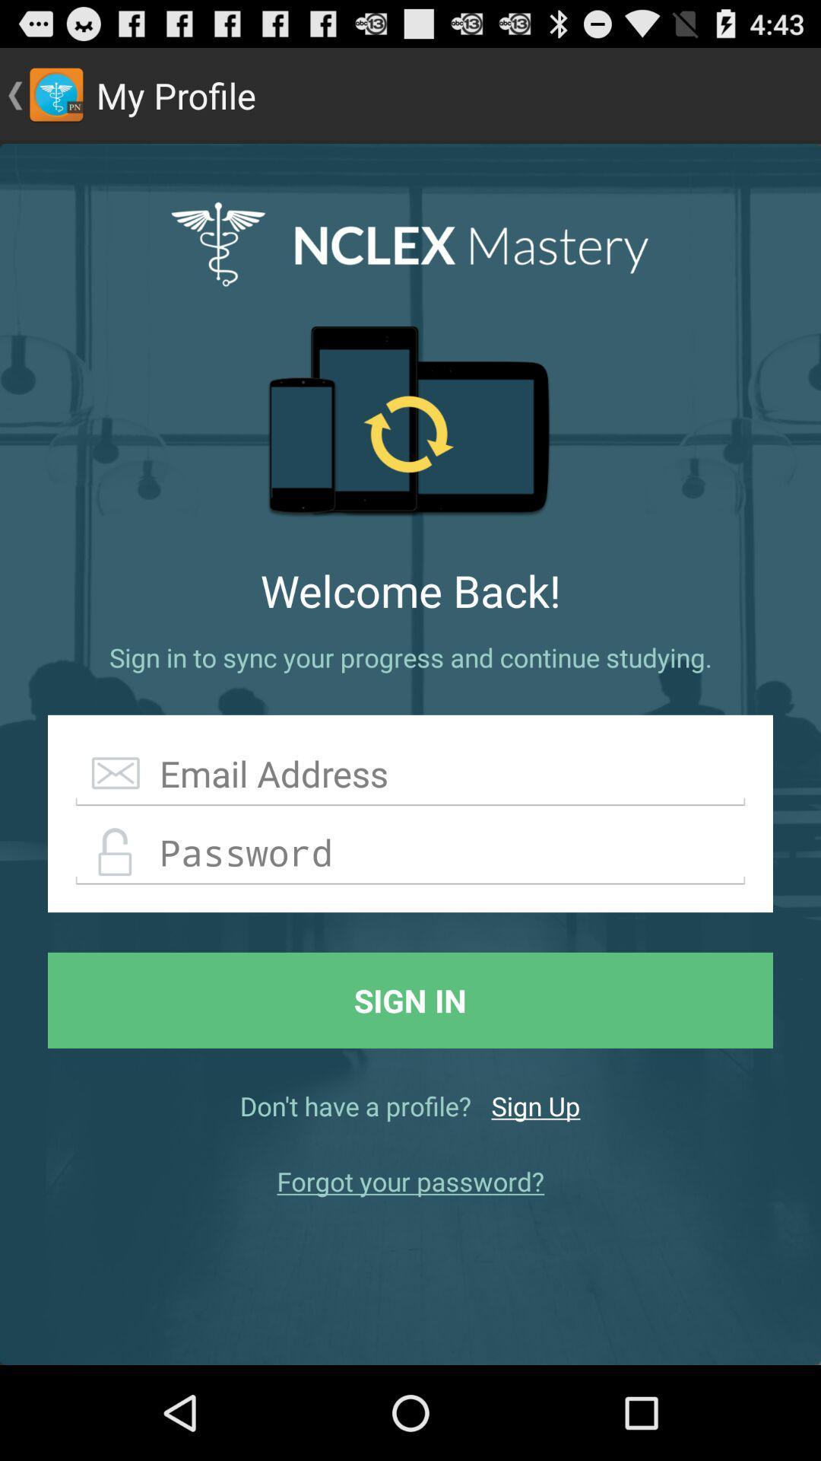 This screenshot has height=1461, width=821. I want to click on forgot your password? item, so click(410, 1180).